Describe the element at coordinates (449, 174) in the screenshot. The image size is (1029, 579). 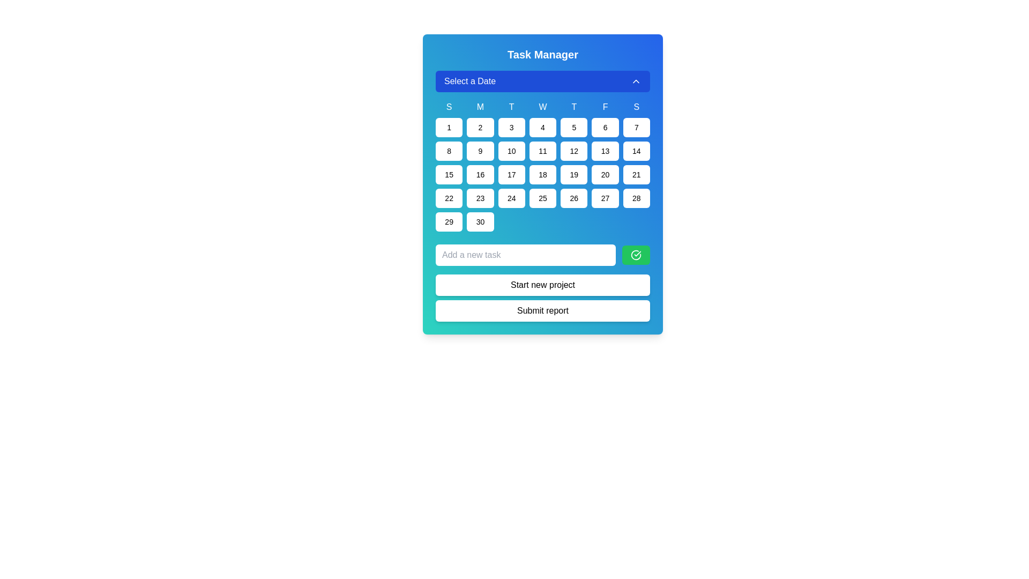
I see `the button displaying the number '15' in the calendar grid` at that location.